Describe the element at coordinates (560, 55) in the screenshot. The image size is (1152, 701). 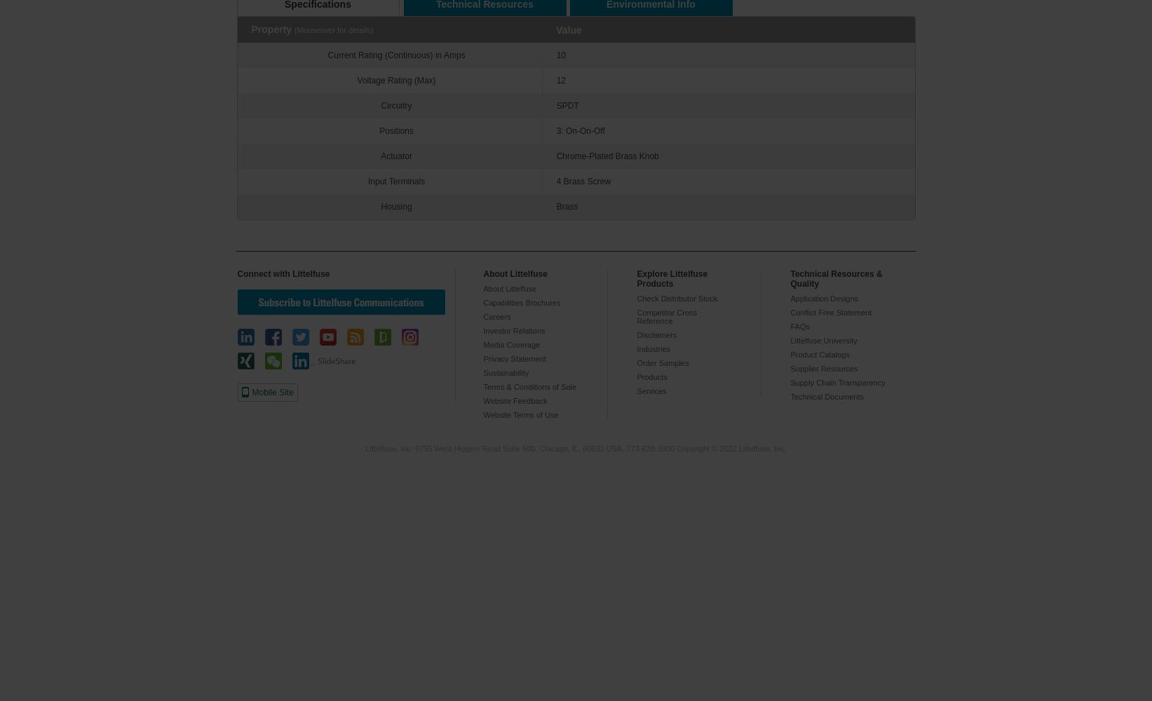
I see `'10'` at that location.